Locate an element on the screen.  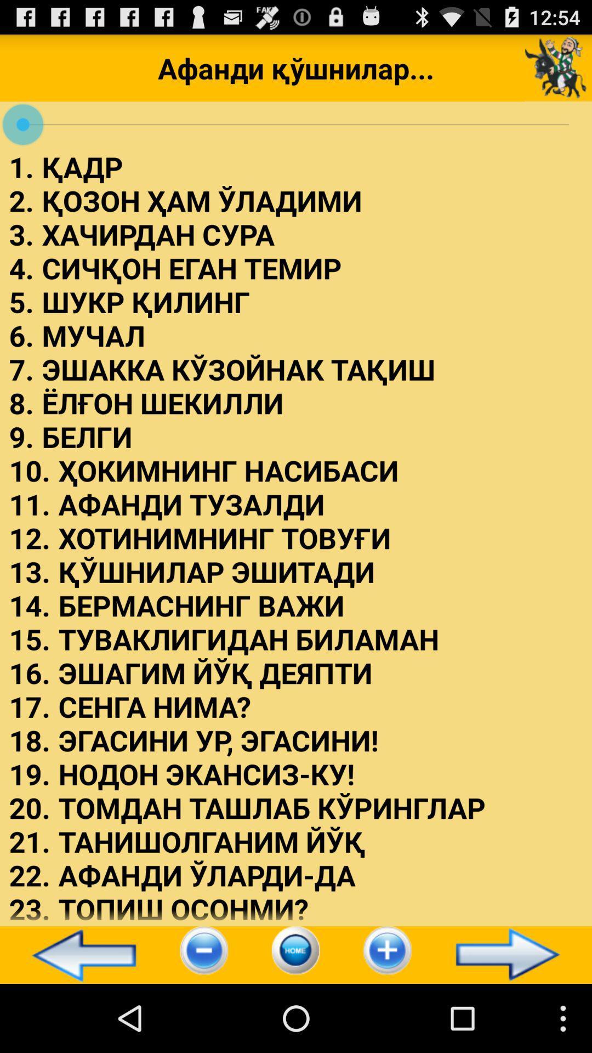
icon at the bottom right corner is located at coordinates (513, 954).